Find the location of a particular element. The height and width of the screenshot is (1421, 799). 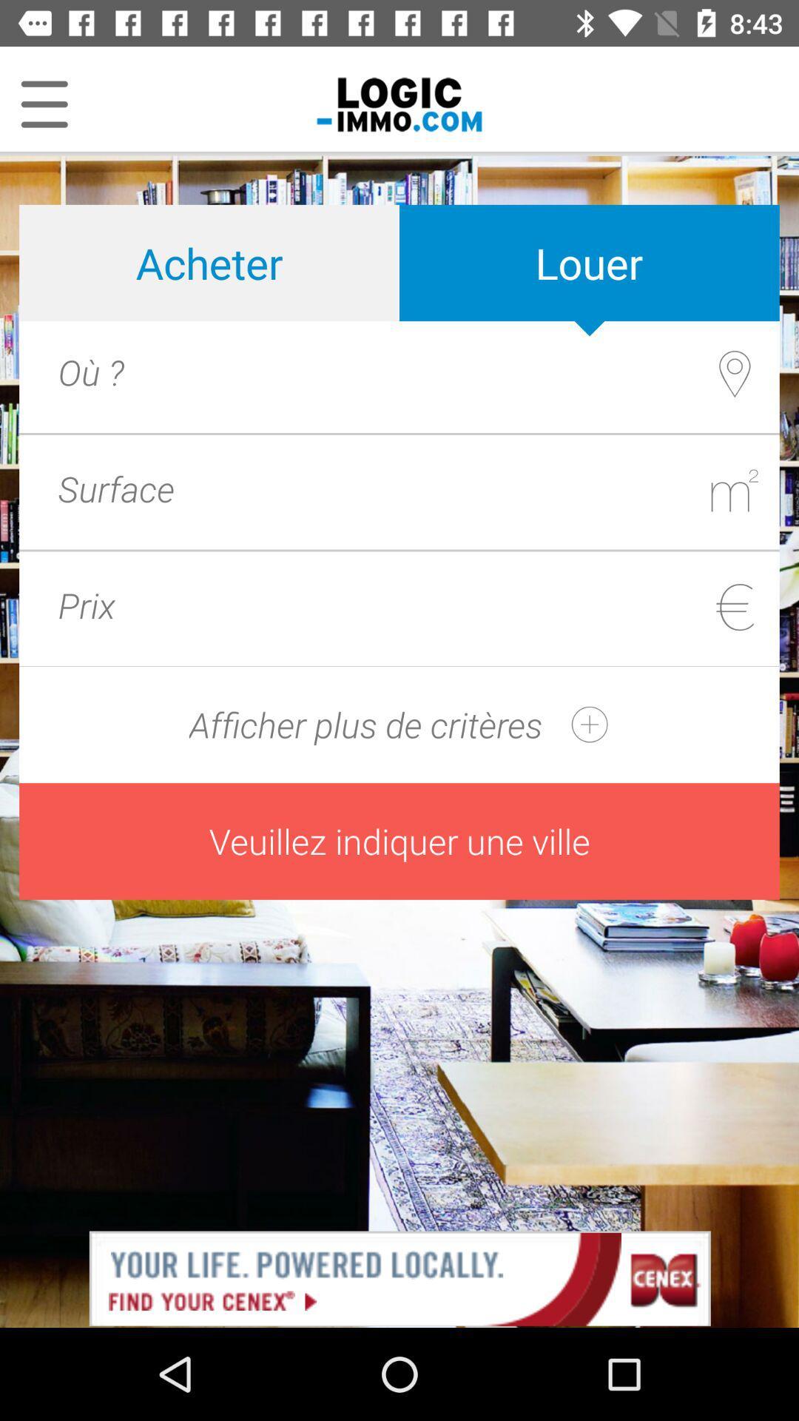

search to location is located at coordinates (431, 372).